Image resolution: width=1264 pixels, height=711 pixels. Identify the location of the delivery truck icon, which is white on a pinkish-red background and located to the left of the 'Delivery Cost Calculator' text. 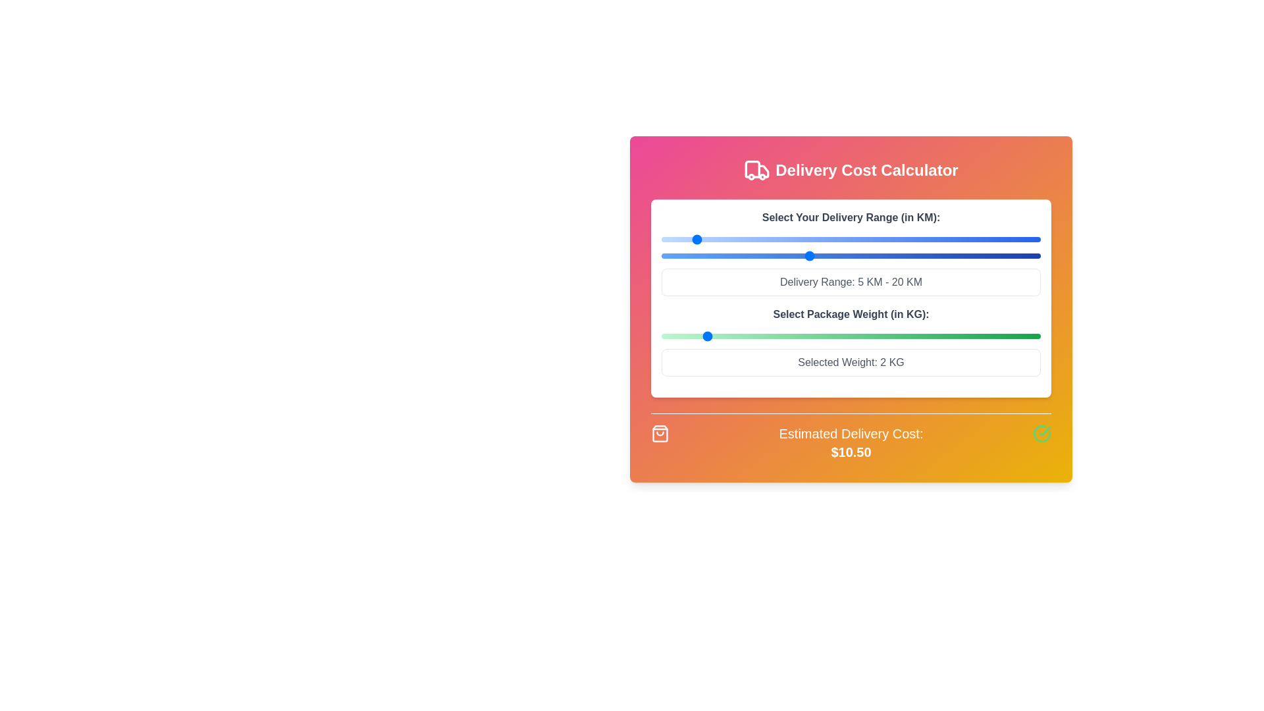
(757, 169).